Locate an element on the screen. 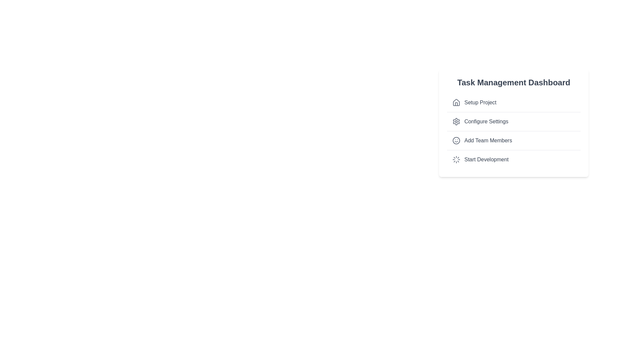 This screenshot has height=360, width=641. the settings gear icon located to the left of the 'Configure Settings' text in the interface is located at coordinates (456, 122).